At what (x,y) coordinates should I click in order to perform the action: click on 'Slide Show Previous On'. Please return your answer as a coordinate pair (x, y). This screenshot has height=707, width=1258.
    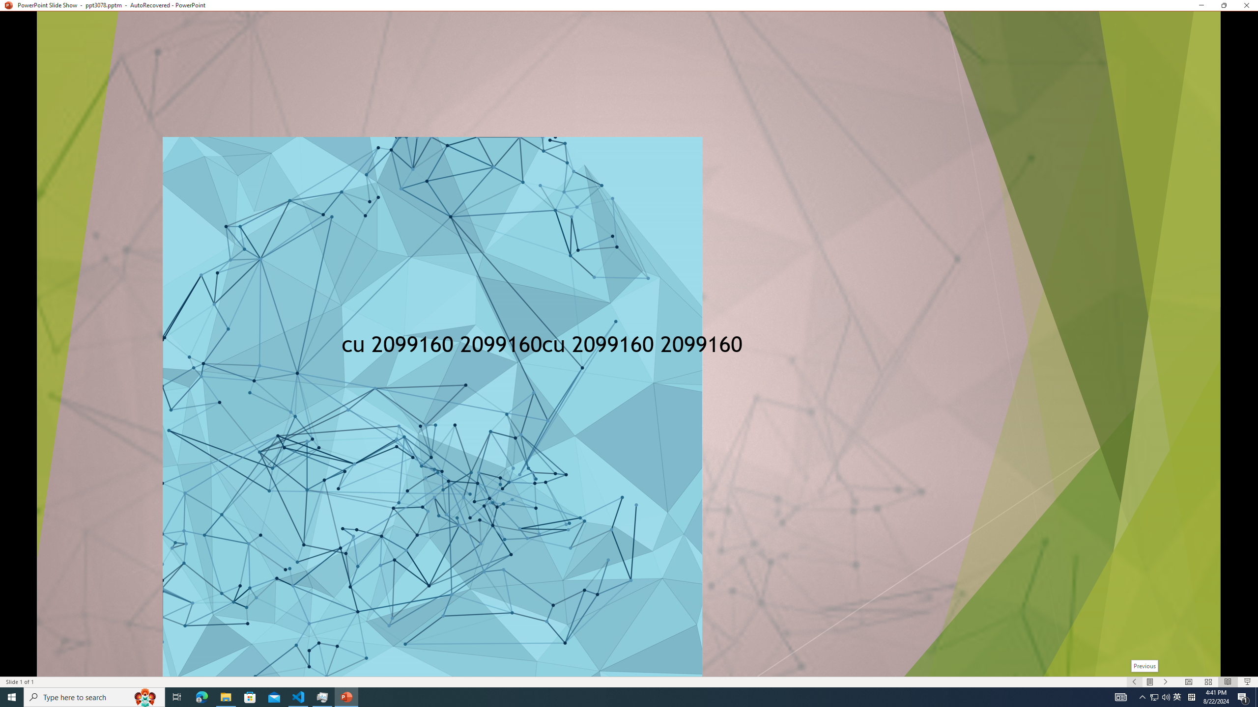
    Looking at the image, I should click on (1134, 682).